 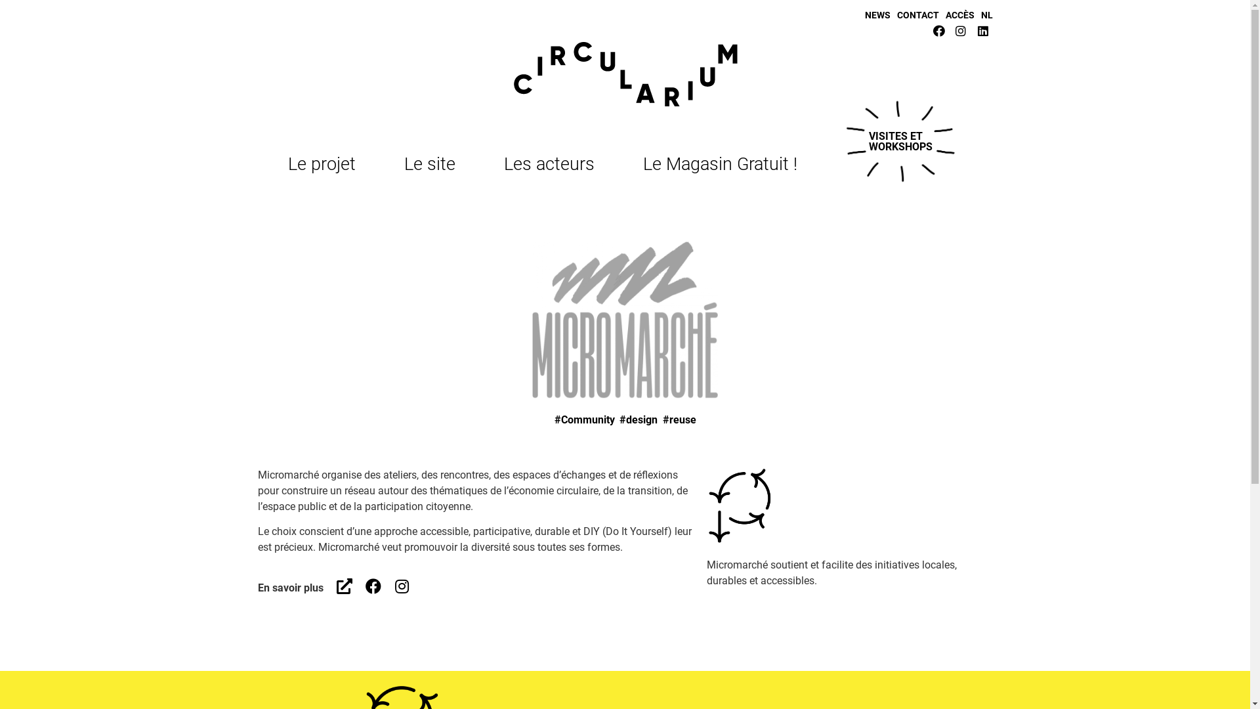 What do you see at coordinates (916, 15) in the screenshot?
I see `'CONTACT'` at bounding box center [916, 15].